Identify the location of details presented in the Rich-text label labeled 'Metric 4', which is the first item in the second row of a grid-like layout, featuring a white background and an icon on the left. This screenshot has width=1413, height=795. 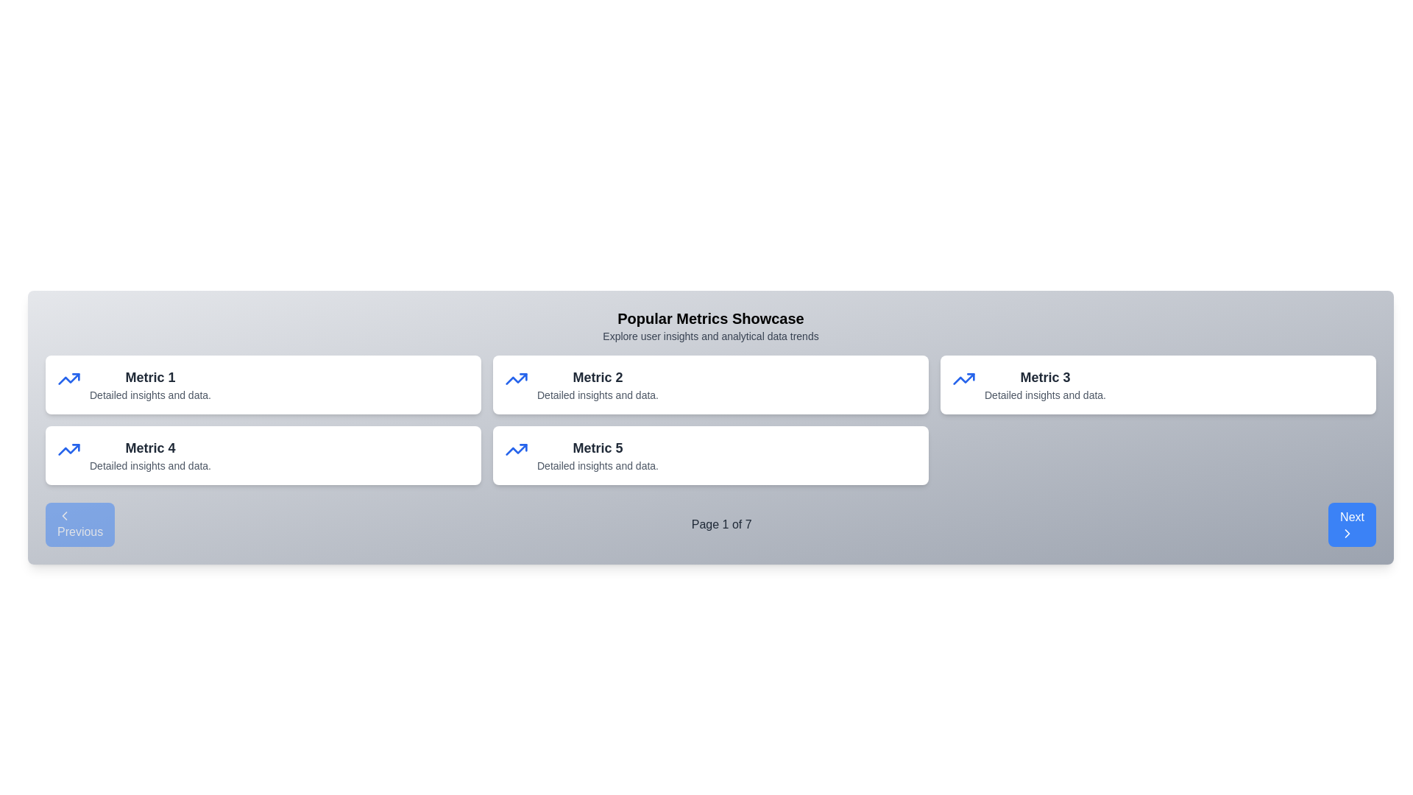
(146, 454).